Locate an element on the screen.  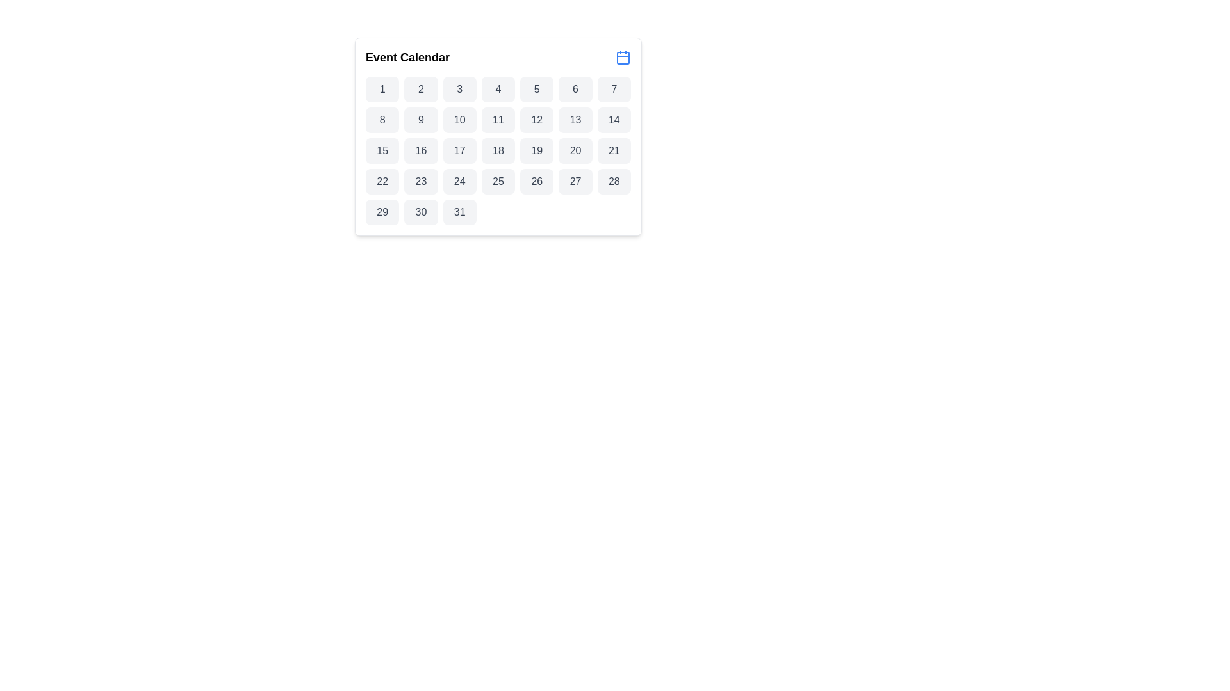
the selectable date button representing the date '8' in the calendar interface is located at coordinates (382, 120).